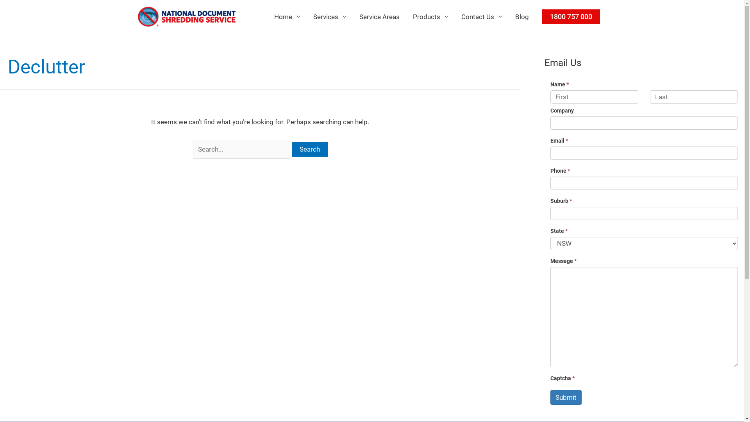 The width and height of the screenshot is (750, 422). I want to click on 'Services', so click(329, 16).